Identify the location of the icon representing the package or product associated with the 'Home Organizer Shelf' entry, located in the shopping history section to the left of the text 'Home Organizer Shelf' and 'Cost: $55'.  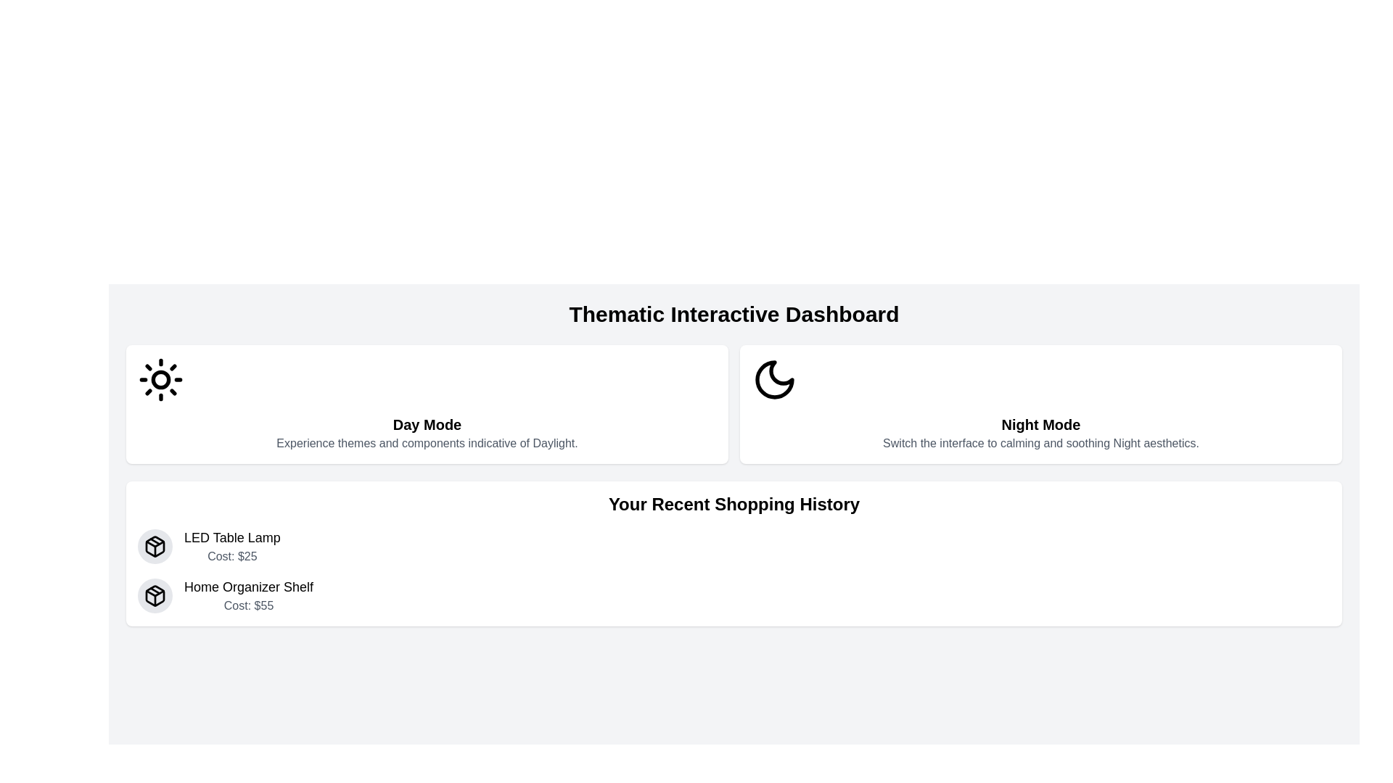
(155, 595).